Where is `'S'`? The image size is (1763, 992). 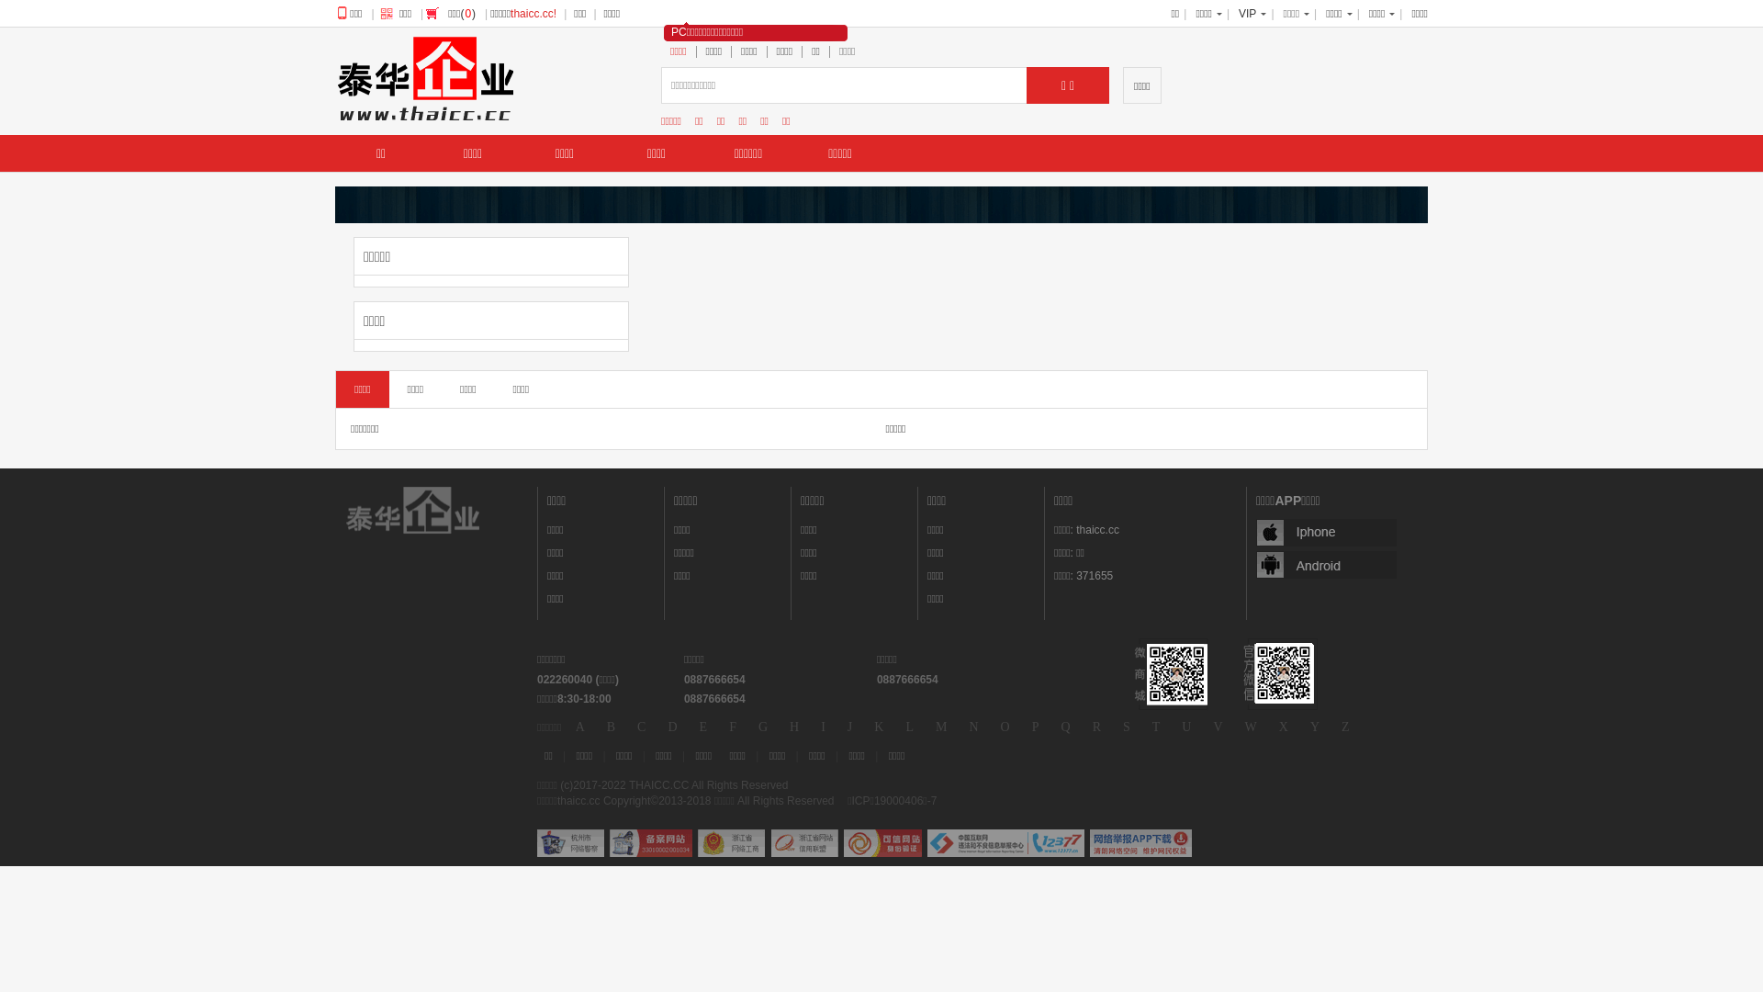
'S' is located at coordinates (1126, 726).